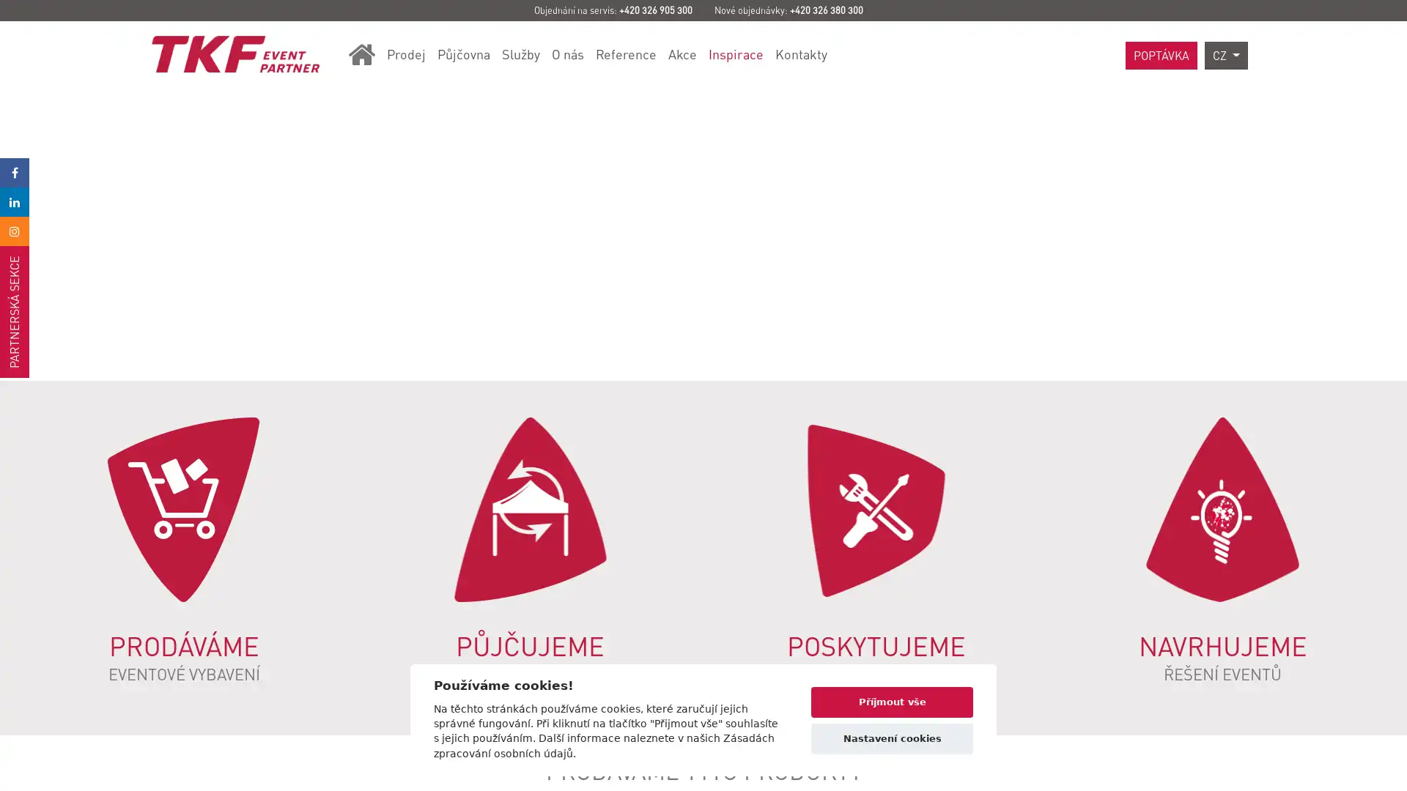  Describe the element at coordinates (891, 738) in the screenshot. I see `Nastaveni cookies` at that location.